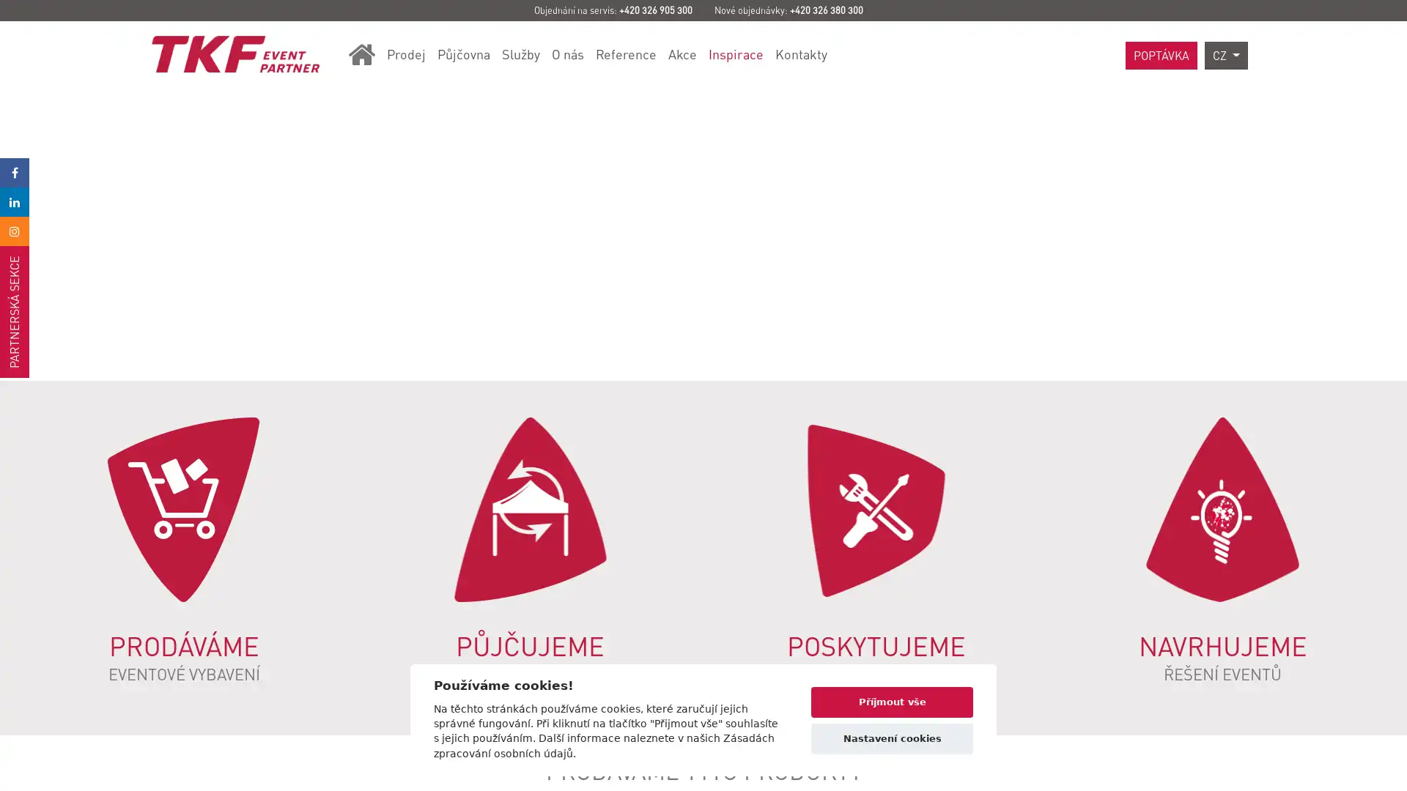  Describe the element at coordinates (891, 738) in the screenshot. I see `Nastaveni cookies` at that location.